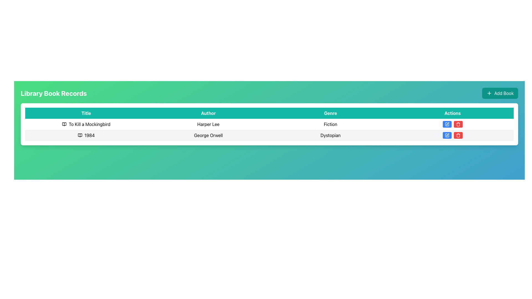 This screenshot has width=532, height=299. What do you see at coordinates (330, 124) in the screenshot?
I see `the text label displaying 'Fiction' which is bold and centered in the first row of a table, positioned between 'Harper Lee' and blank space` at bounding box center [330, 124].